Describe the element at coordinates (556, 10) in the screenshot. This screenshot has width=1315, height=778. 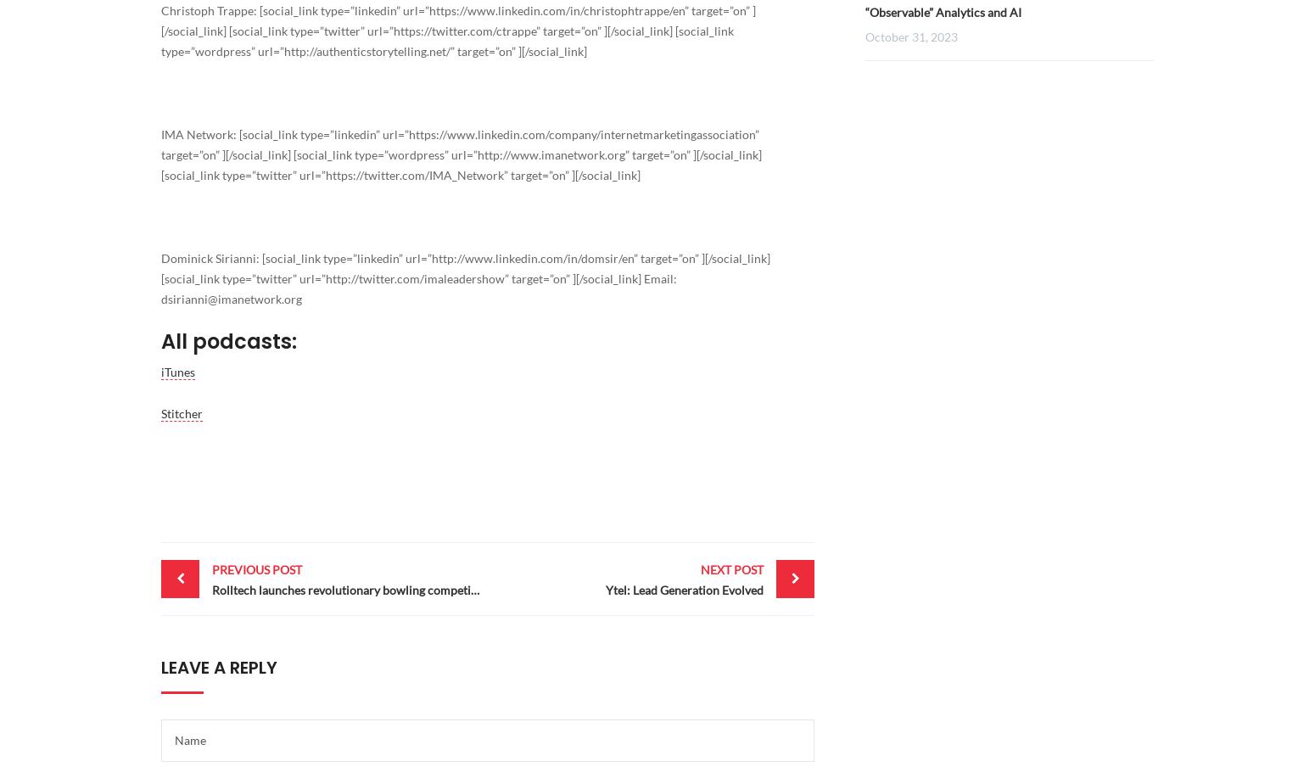
I see `'https://www.linkedin.com/in/christophtrappe/en'` at that location.